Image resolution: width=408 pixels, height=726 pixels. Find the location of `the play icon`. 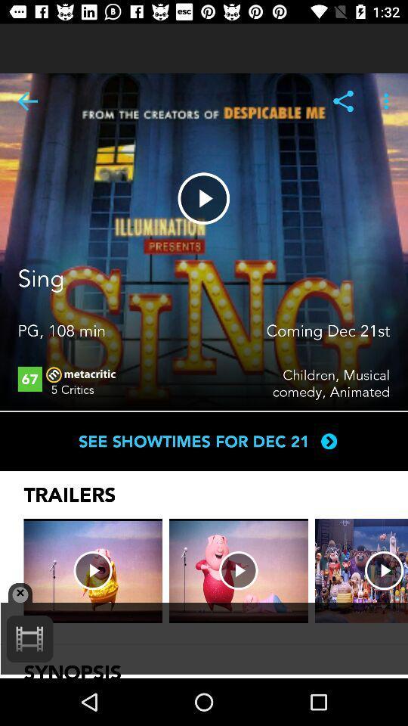

the play icon is located at coordinates (203, 197).